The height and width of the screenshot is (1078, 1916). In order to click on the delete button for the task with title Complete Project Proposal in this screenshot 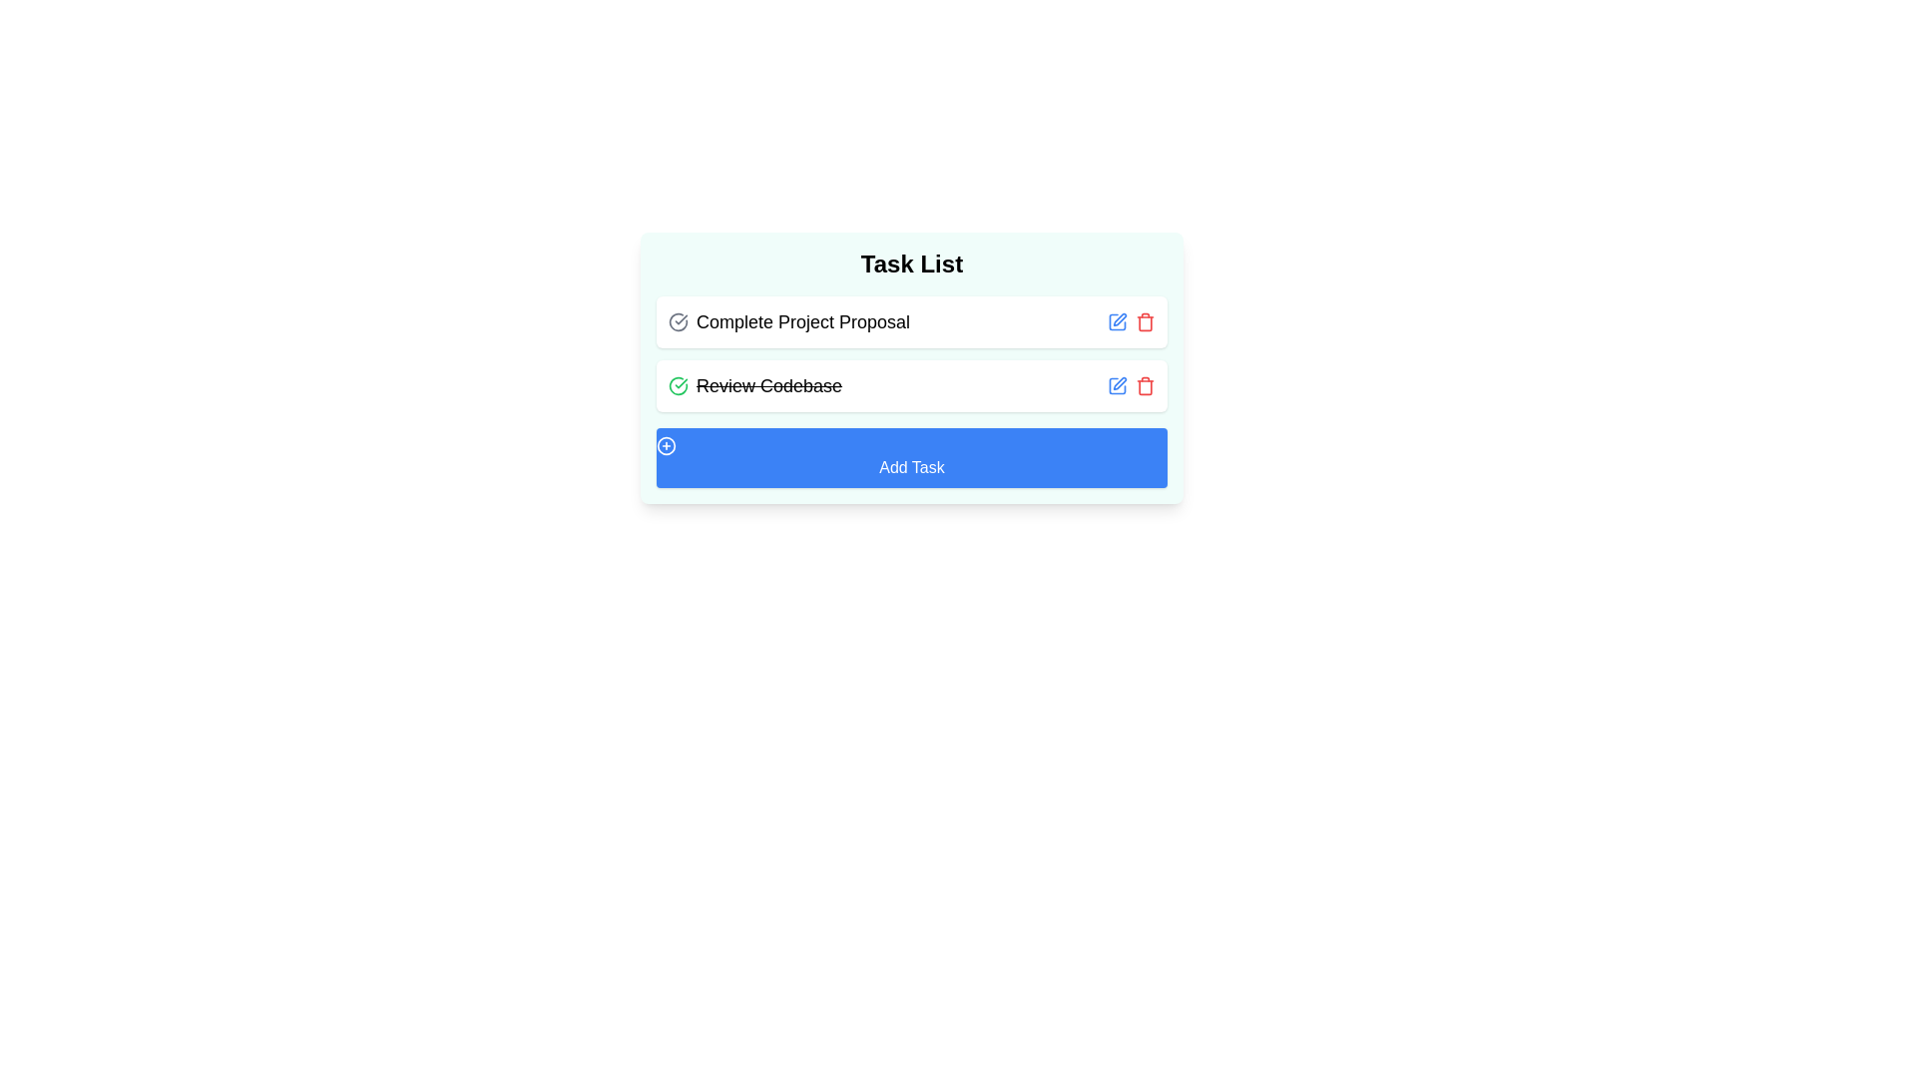, I will do `click(1145, 321)`.